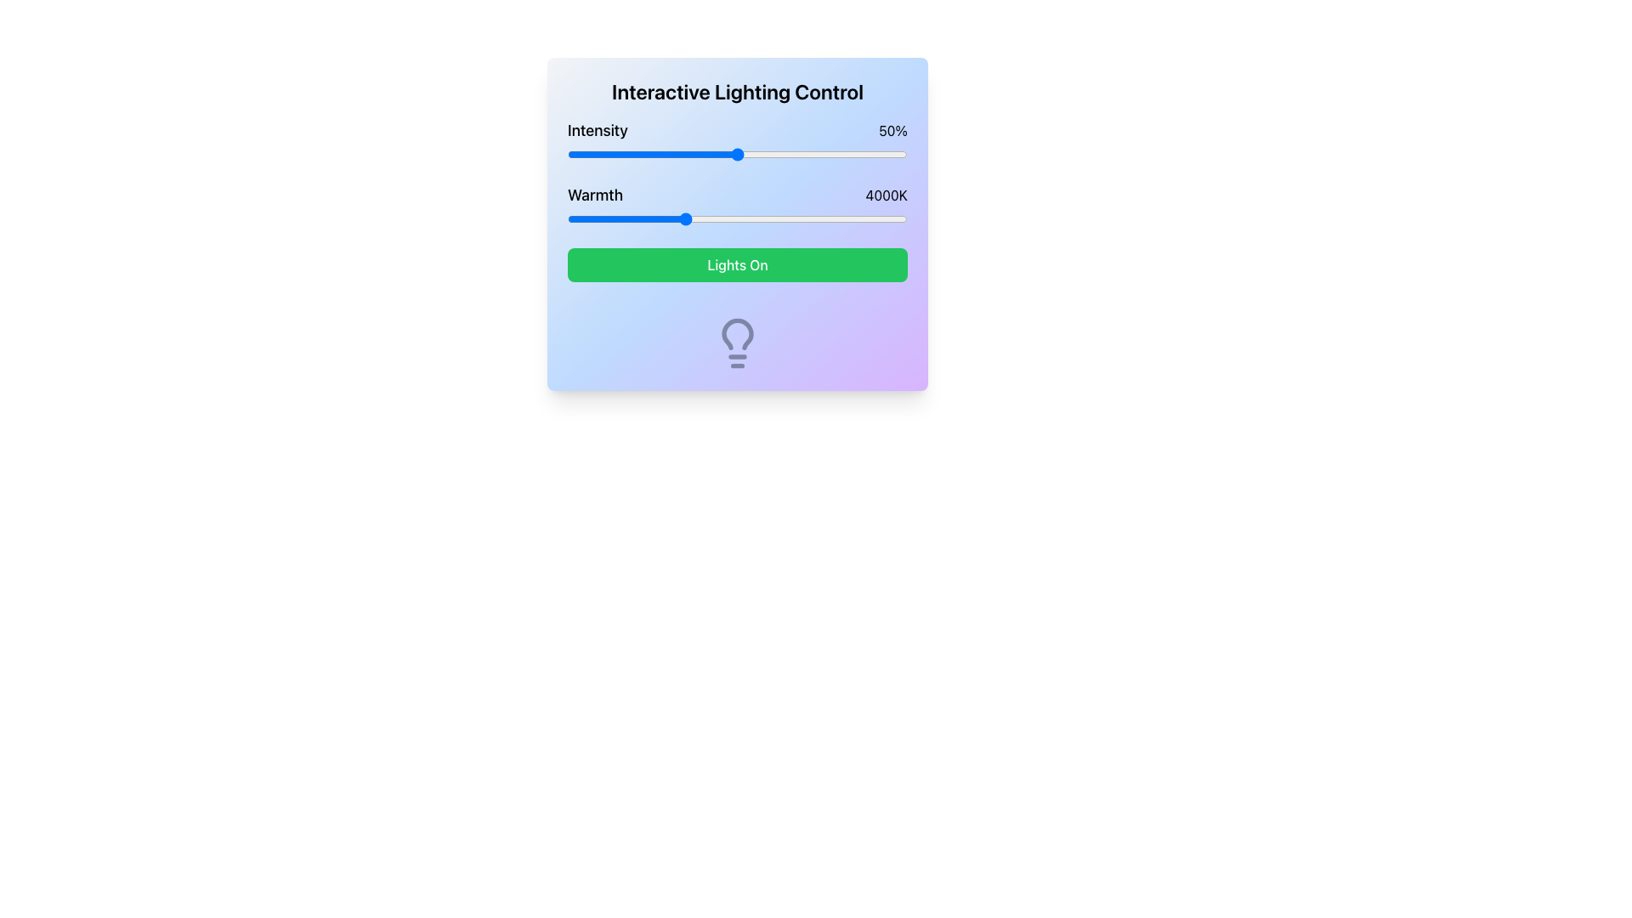 This screenshot has height=918, width=1632. What do you see at coordinates (738, 343) in the screenshot?
I see `the lighting icon located at the bottom-center of the 'Interactive Lighting Control' section, beneath the 'Lights On' button` at bounding box center [738, 343].